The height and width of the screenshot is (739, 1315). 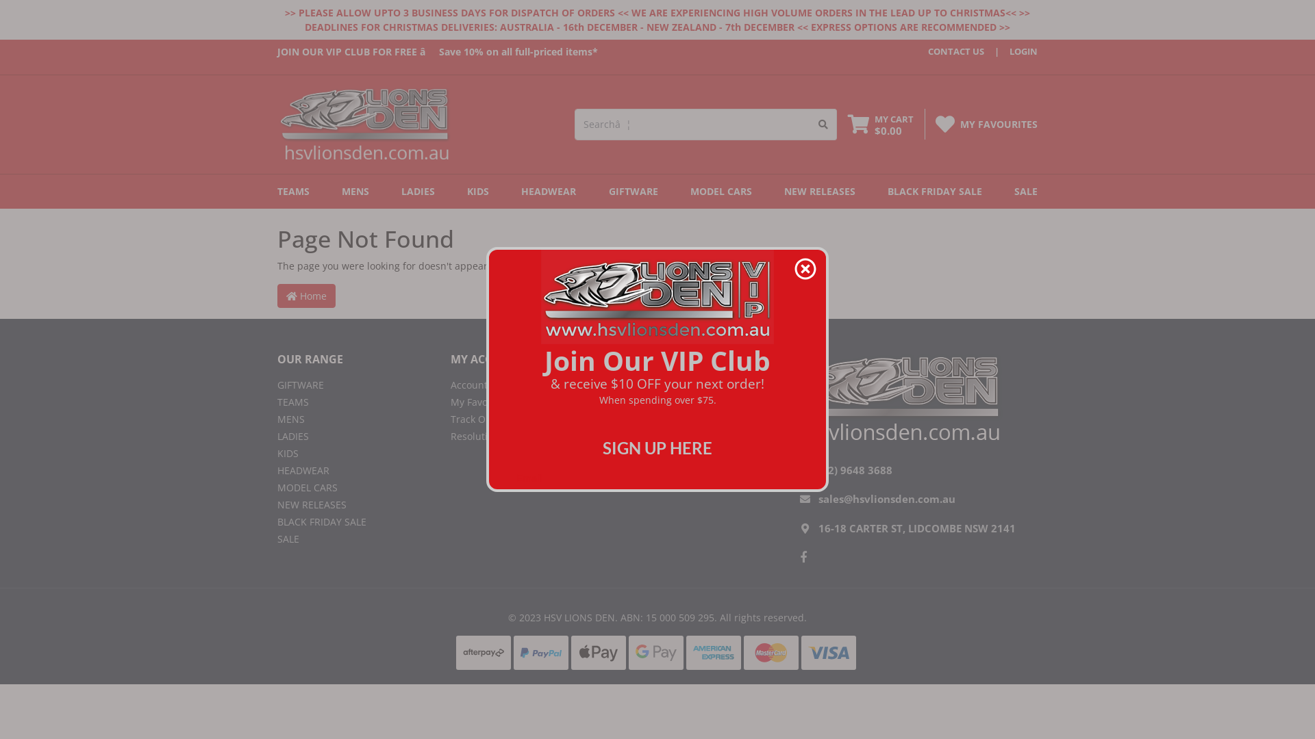 I want to click on 'MY FAVOURITES', so click(x=999, y=124).